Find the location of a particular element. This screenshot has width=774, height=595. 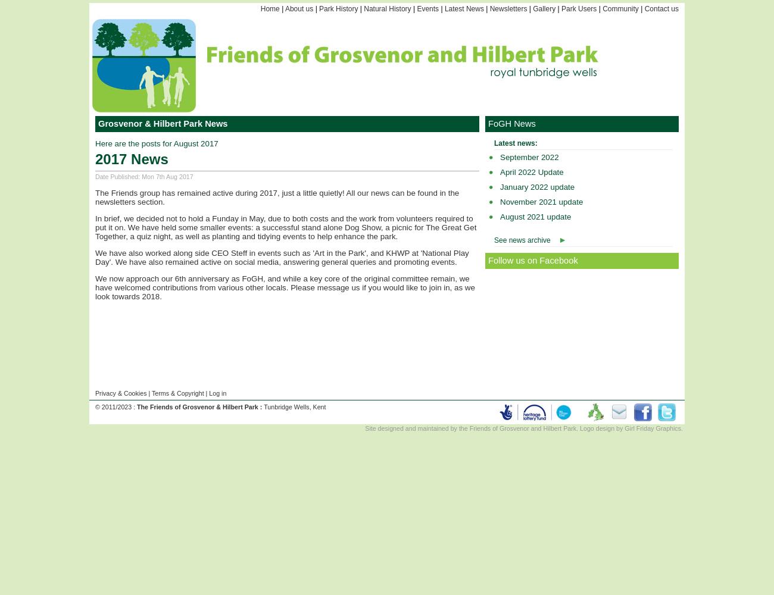

'Here are the posts for August 2017' is located at coordinates (155, 143).